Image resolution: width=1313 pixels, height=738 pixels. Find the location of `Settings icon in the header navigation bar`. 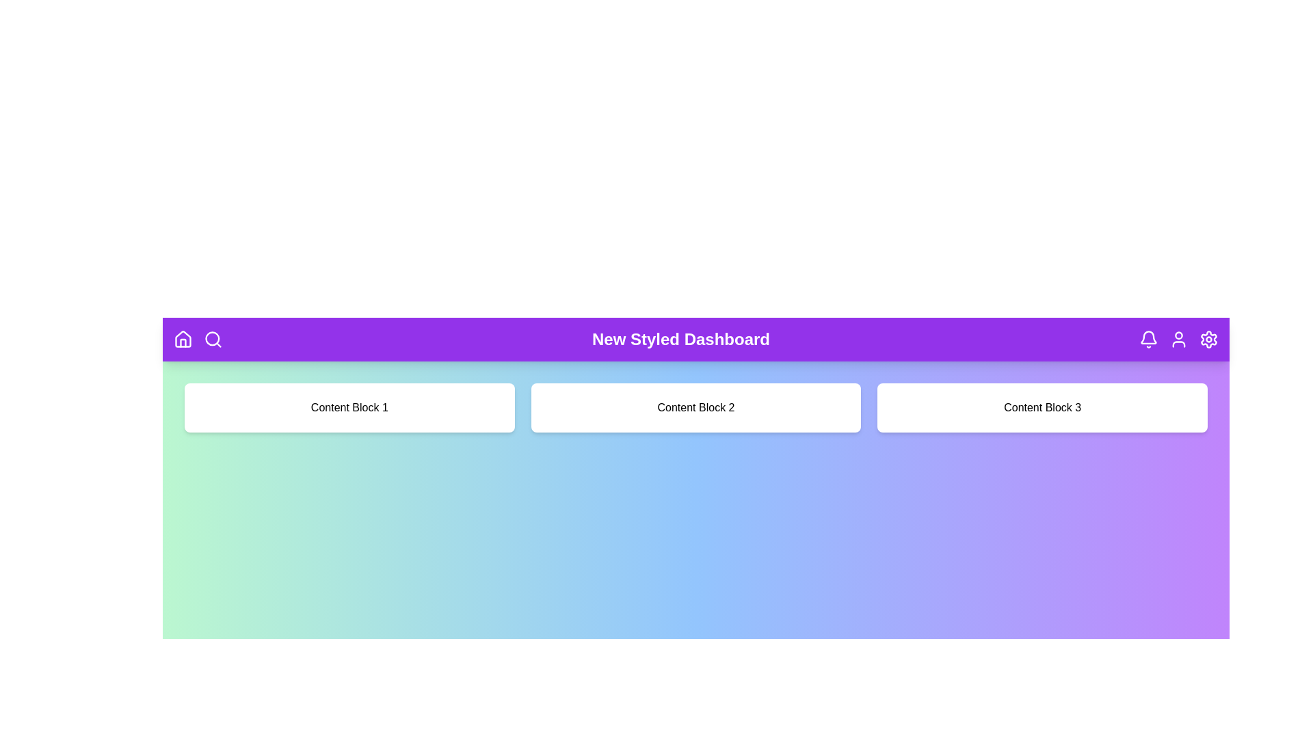

Settings icon in the header navigation bar is located at coordinates (1208, 339).